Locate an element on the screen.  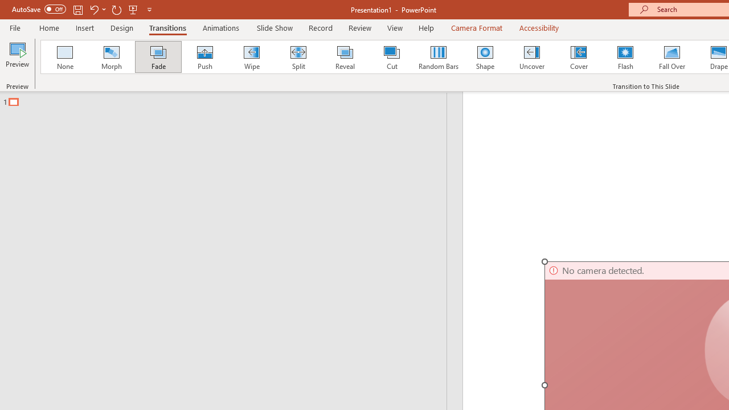
'Camera Format' is located at coordinates (477, 27).